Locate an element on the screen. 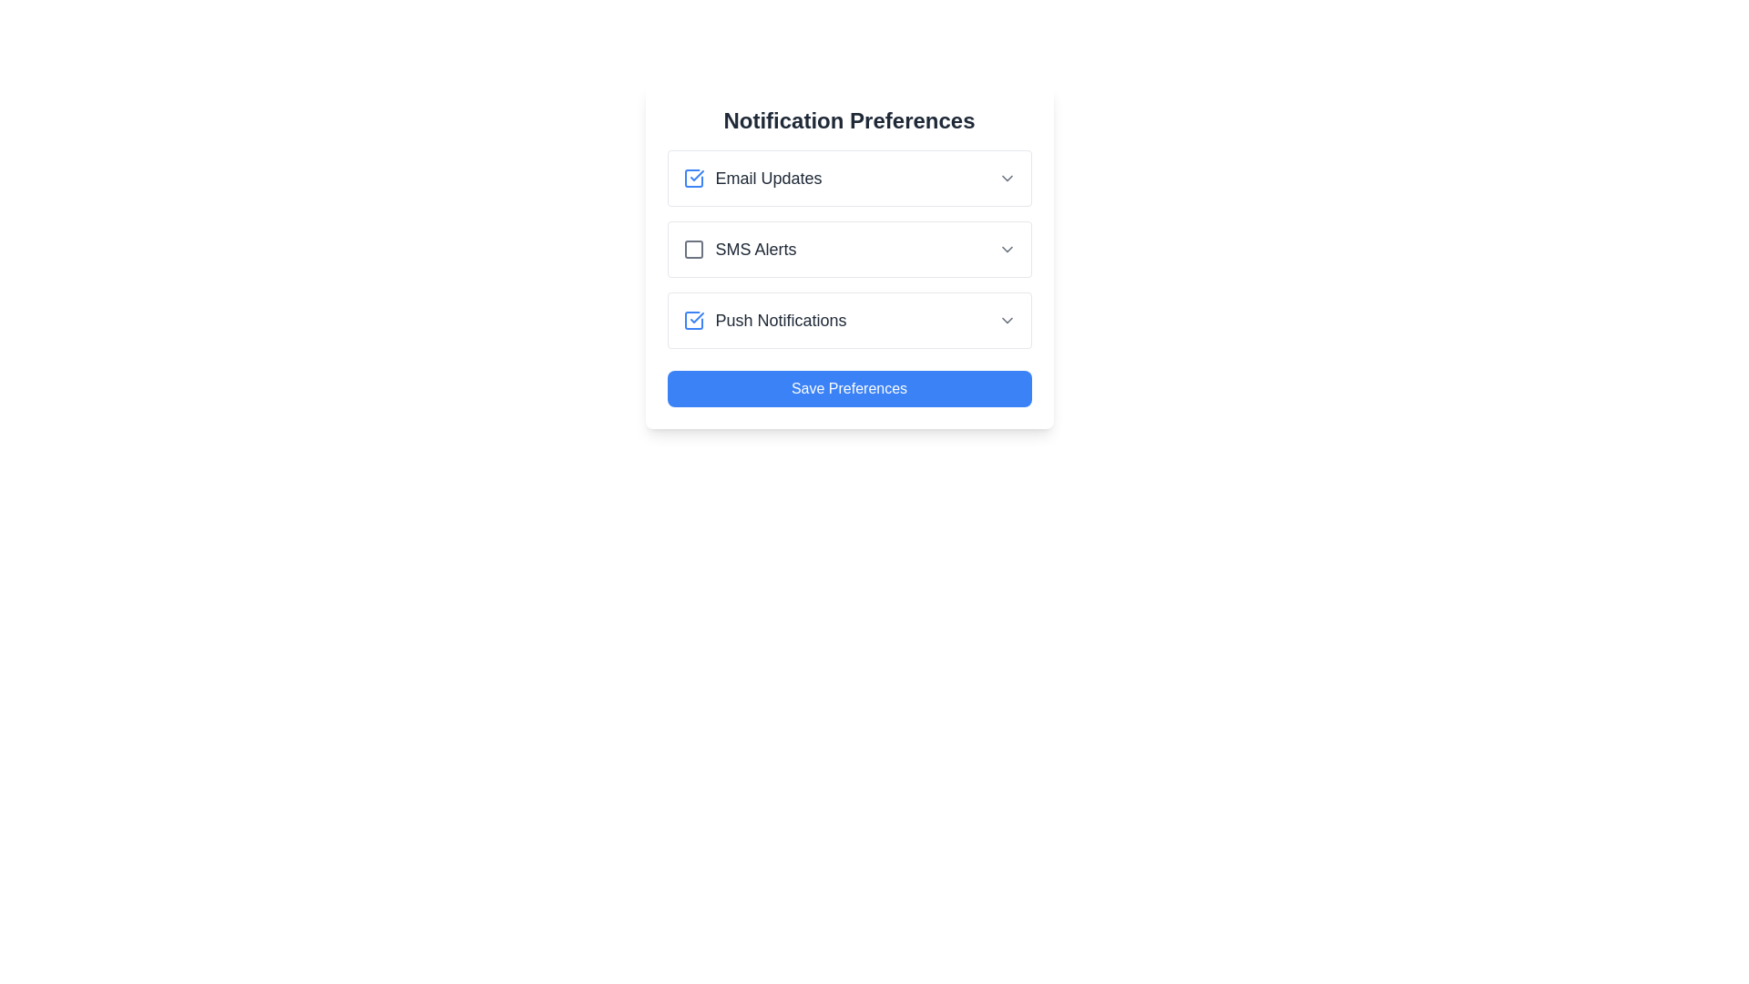 This screenshot has height=984, width=1749. the static text element that serves as the section title for configuring notification preferences, located centrally above the other elements is located at coordinates (848, 120).